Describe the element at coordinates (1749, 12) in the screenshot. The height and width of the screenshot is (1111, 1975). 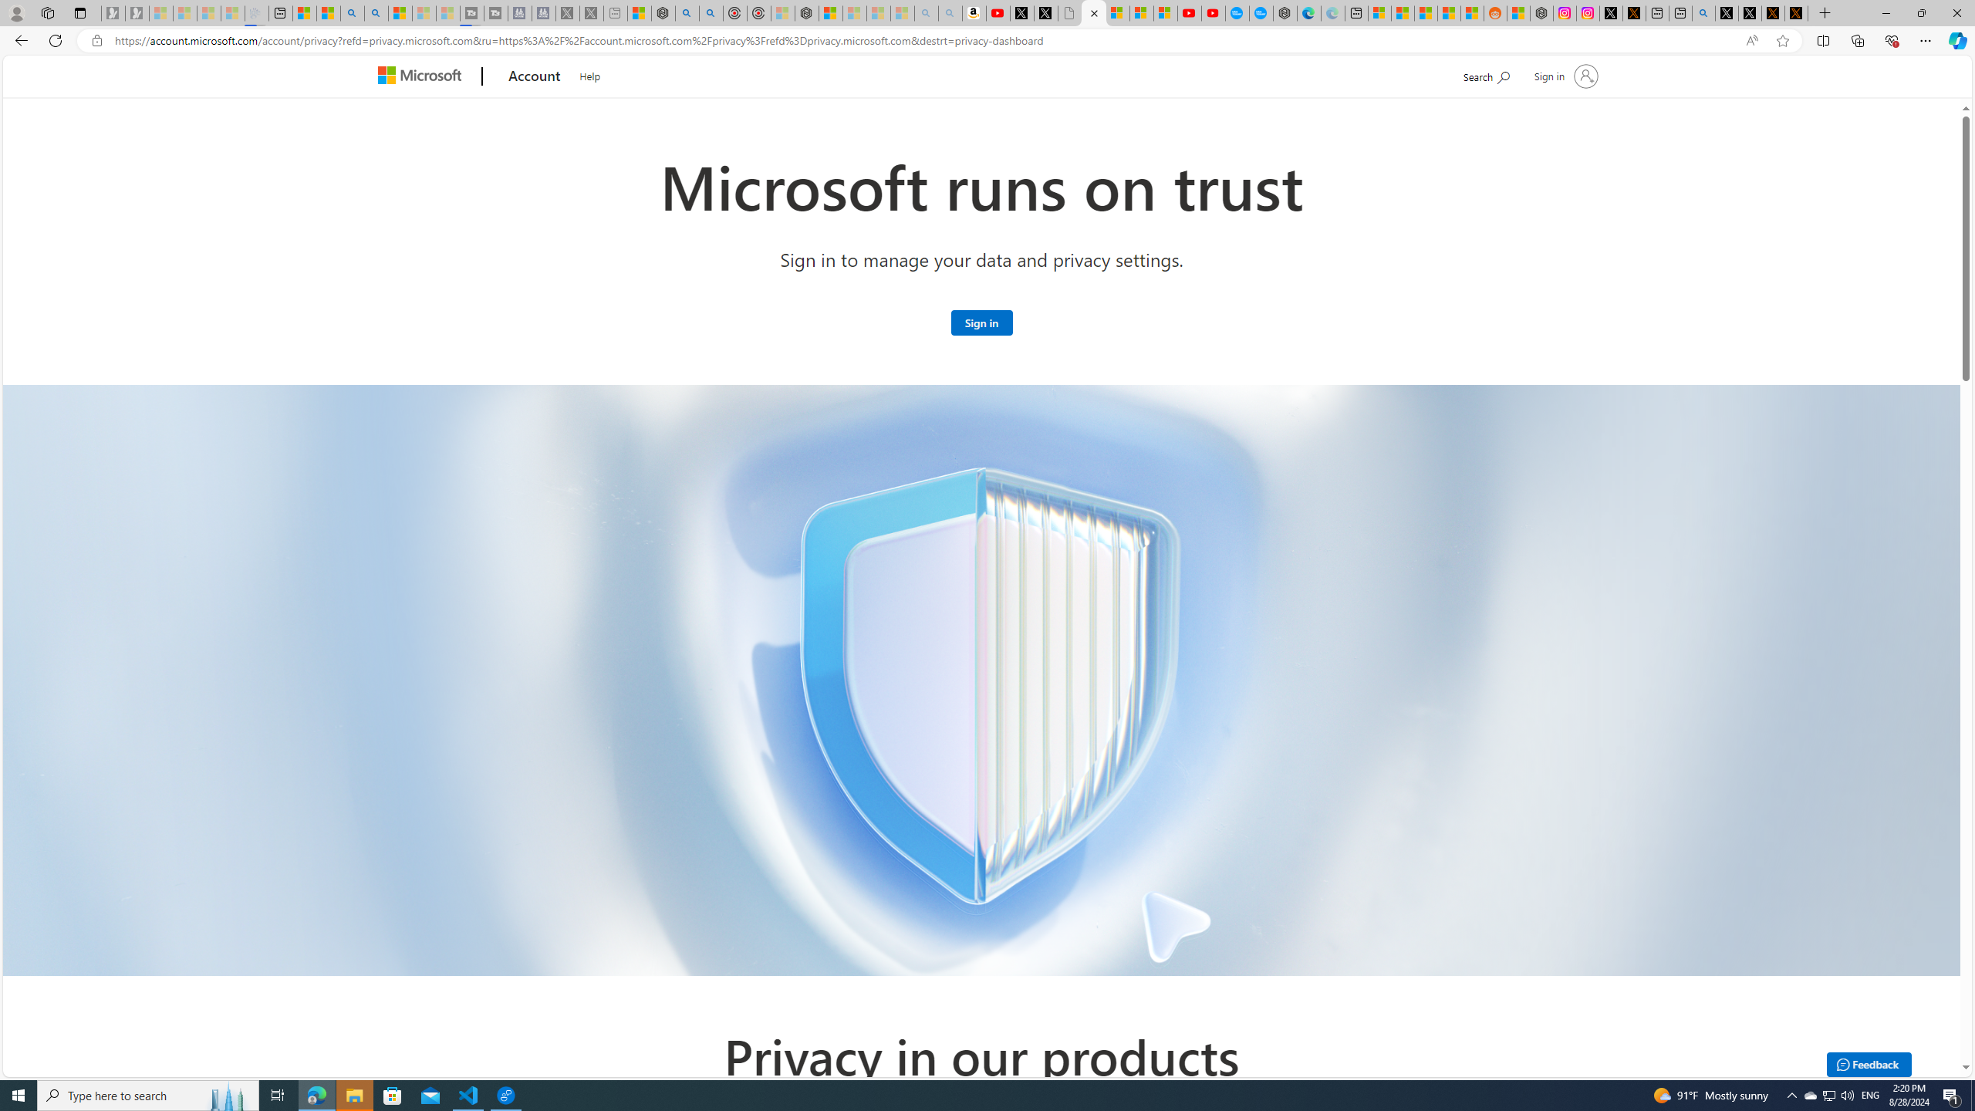
I see `'GitHub (@github) / X'` at that location.